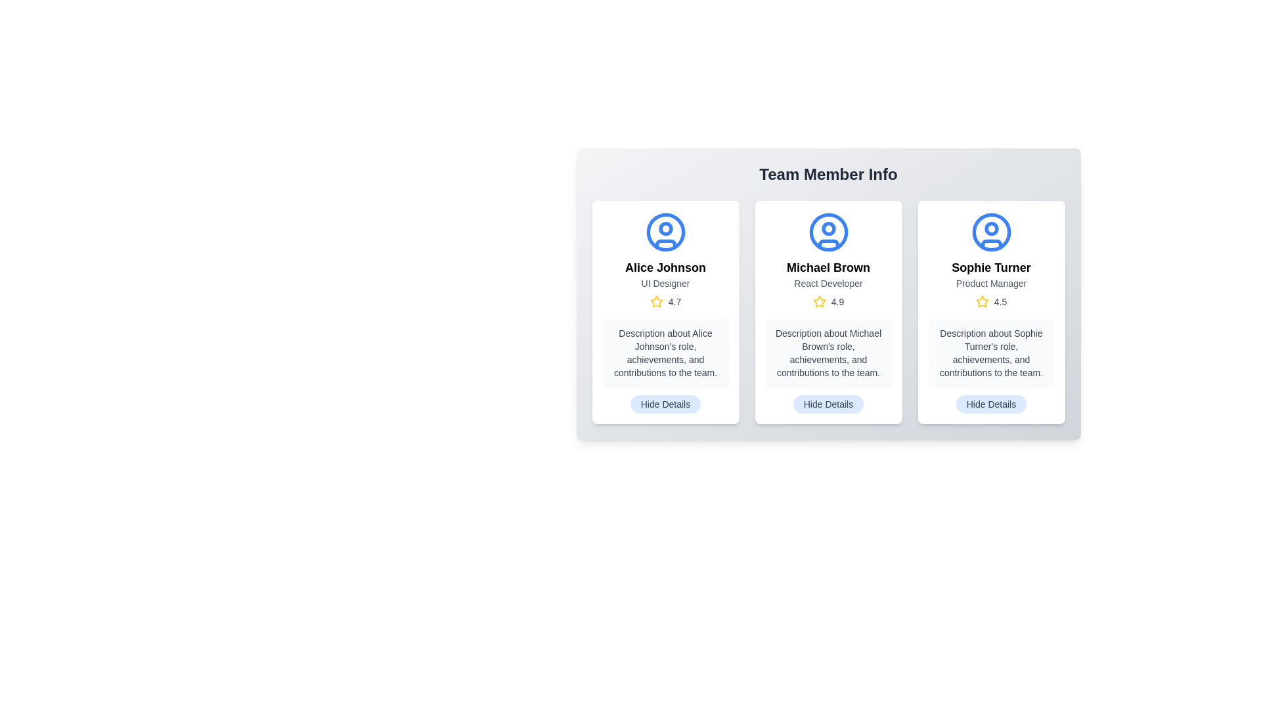 This screenshot has height=709, width=1261. What do you see at coordinates (665, 228) in the screenshot?
I see `the decorative graphical element within the avatar icon of the card representing 'Alice Johnson - UI Designer', located at the top center of the card` at bounding box center [665, 228].